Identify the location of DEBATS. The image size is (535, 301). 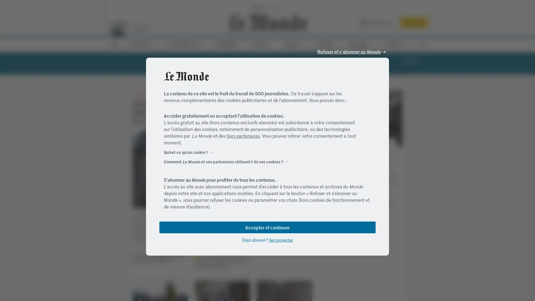
(294, 44).